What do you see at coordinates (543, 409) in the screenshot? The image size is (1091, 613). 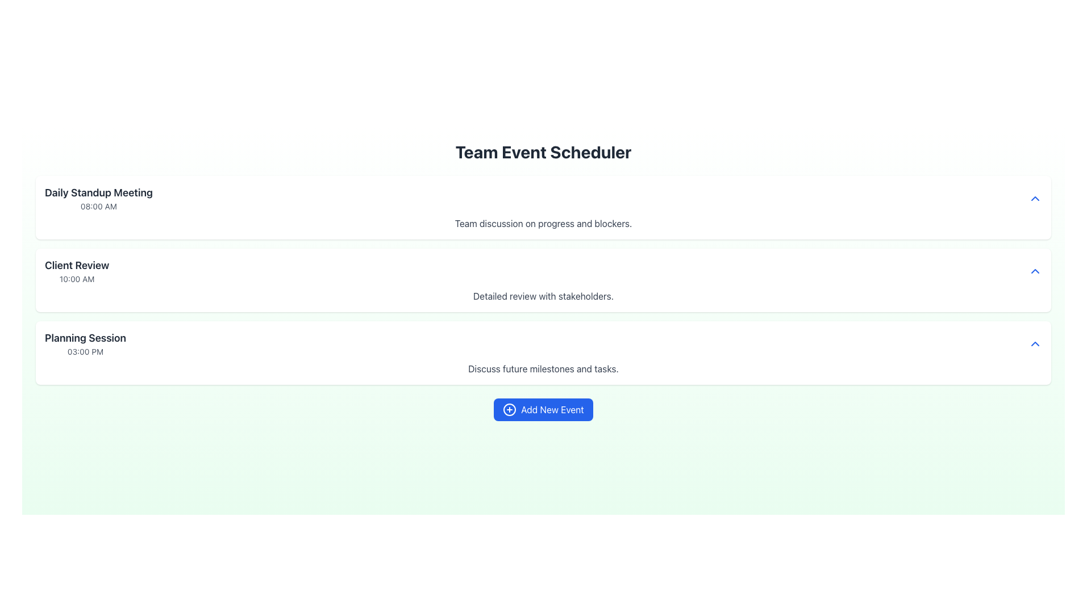 I see `the blue button labeled 'Add New Event' with a white plus icon` at bounding box center [543, 409].